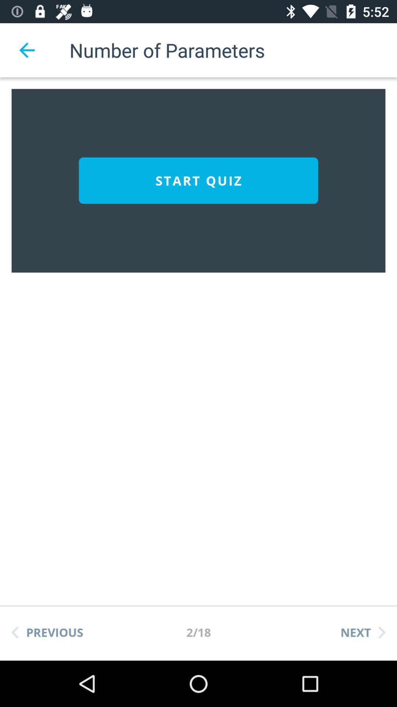 The width and height of the screenshot is (397, 707). Describe the element at coordinates (198, 180) in the screenshot. I see `icon above the previous item` at that location.